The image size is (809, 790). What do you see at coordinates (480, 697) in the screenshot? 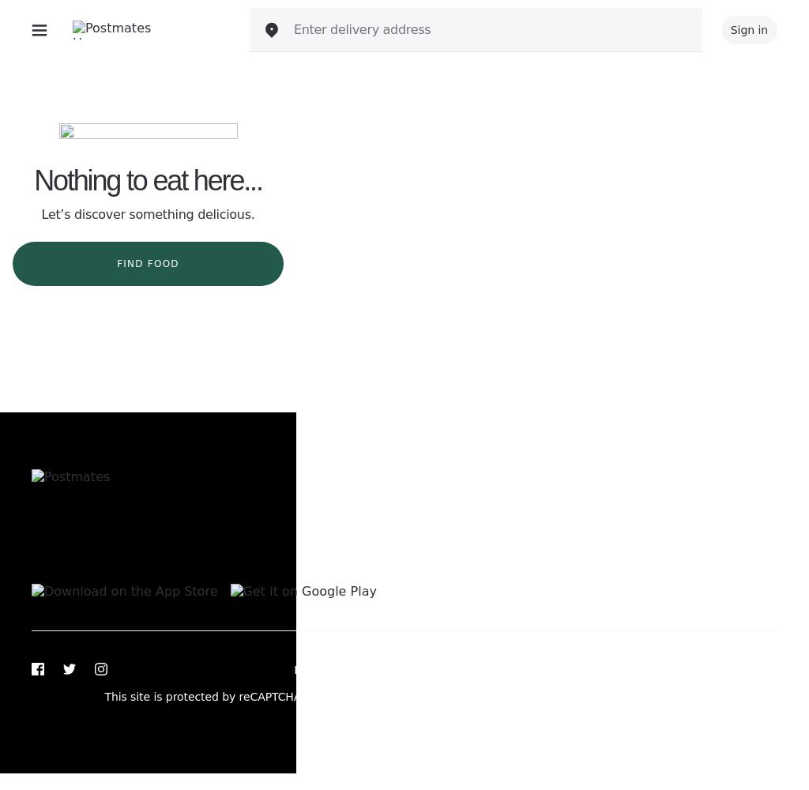
I see `'and'` at bounding box center [480, 697].